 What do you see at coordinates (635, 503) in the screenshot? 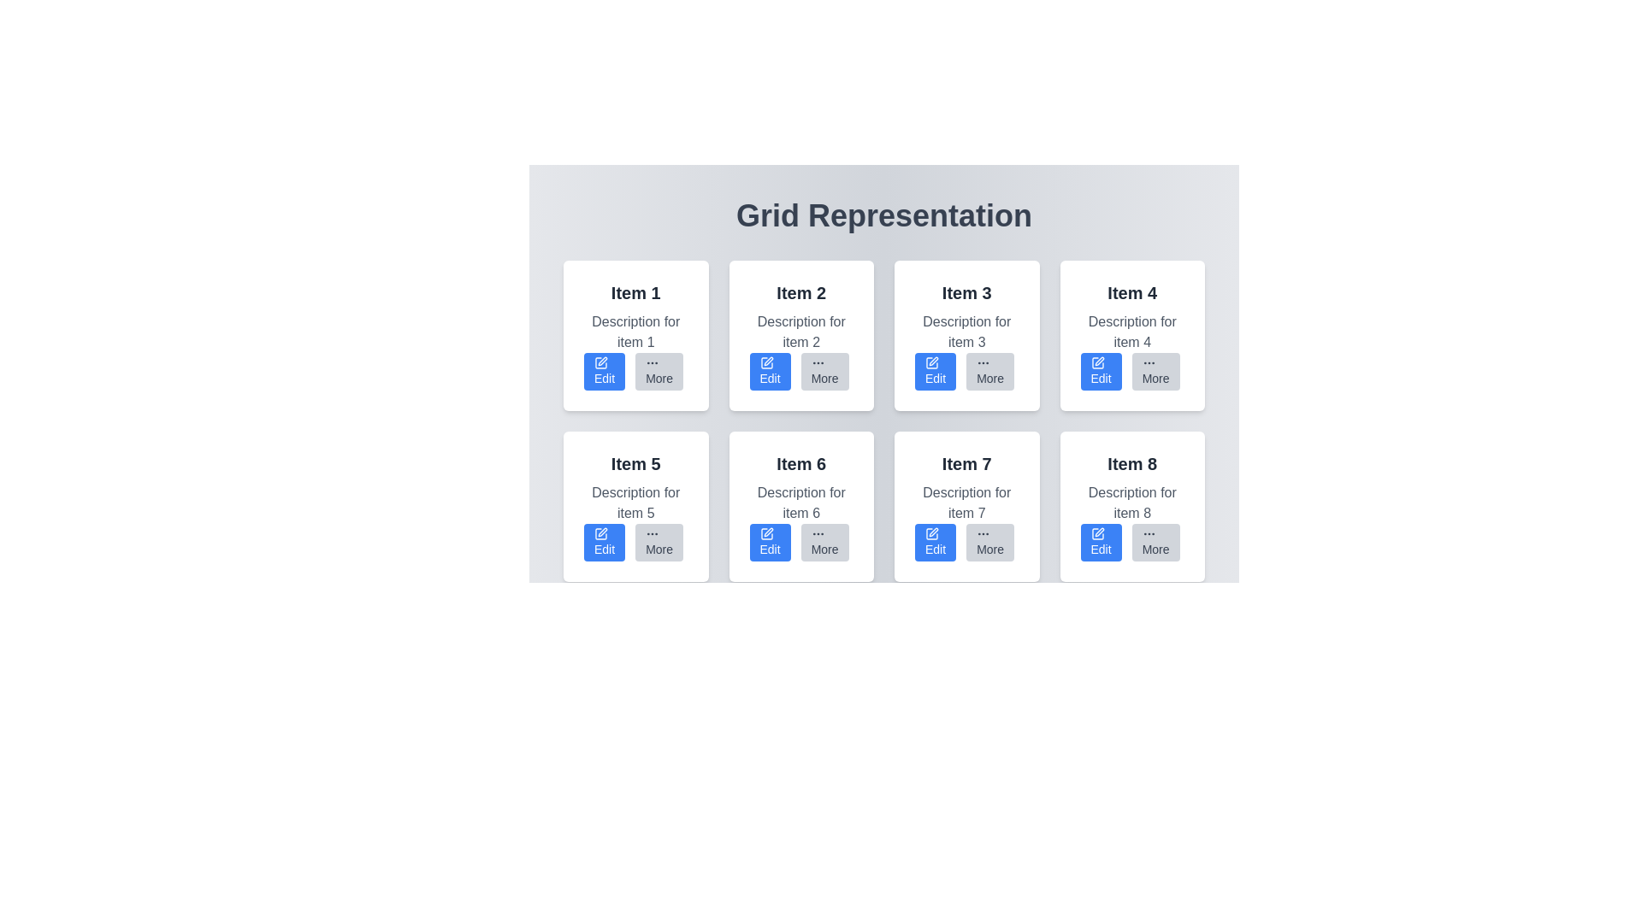
I see `the static text displaying 'Description for item 5' located in the card under the title 'Item 5'` at bounding box center [635, 503].